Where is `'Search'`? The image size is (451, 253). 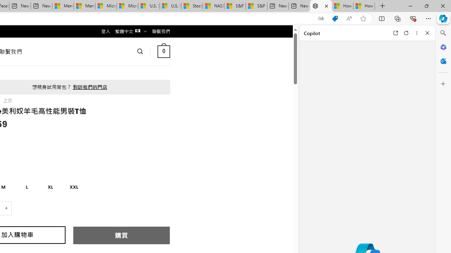
'Search' is located at coordinates (443, 33).